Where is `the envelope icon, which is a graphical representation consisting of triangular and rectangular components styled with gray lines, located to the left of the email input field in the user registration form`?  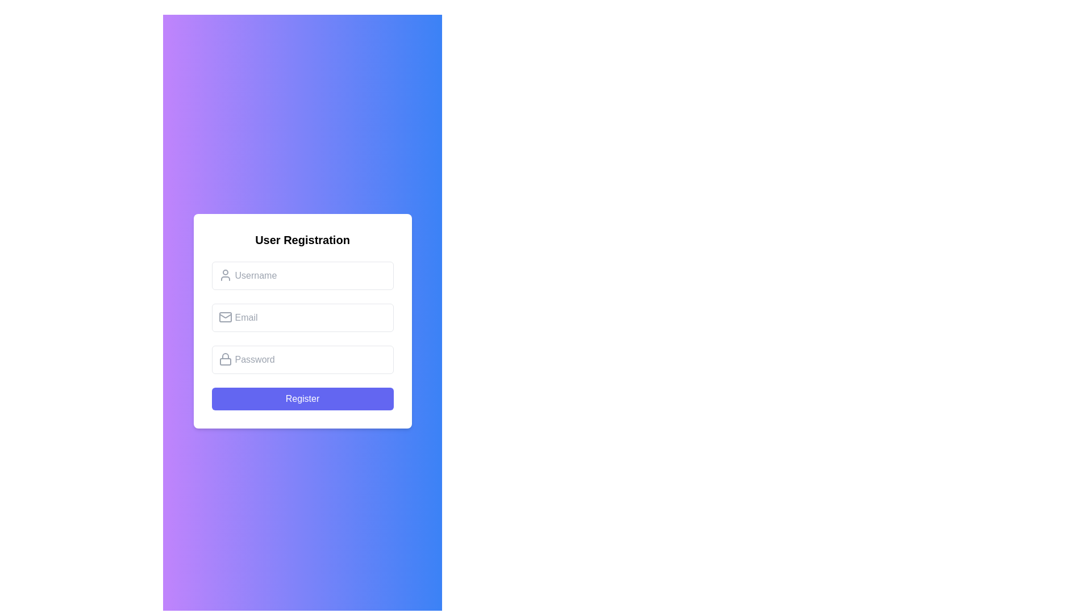 the envelope icon, which is a graphical representation consisting of triangular and rectangular components styled with gray lines, located to the left of the email input field in the user registration form is located at coordinates (225, 316).